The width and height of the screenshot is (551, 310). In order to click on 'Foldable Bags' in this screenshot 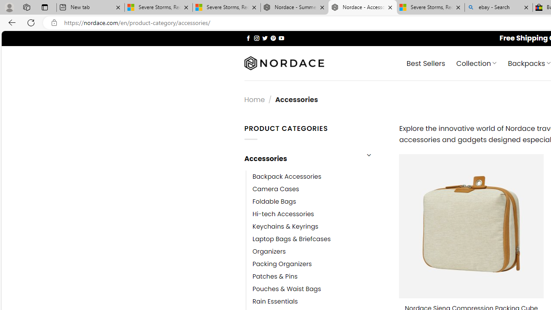, I will do `click(274, 201)`.